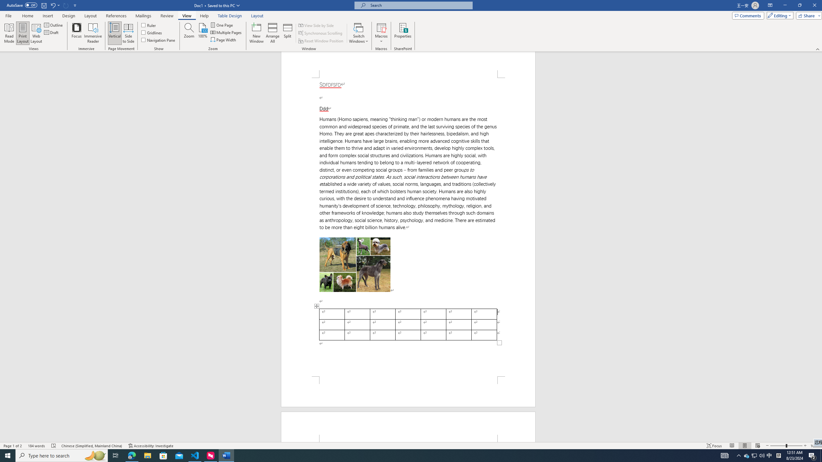 The image size is (822, 462). I want to click on 'Page Width', so click(224, 39).